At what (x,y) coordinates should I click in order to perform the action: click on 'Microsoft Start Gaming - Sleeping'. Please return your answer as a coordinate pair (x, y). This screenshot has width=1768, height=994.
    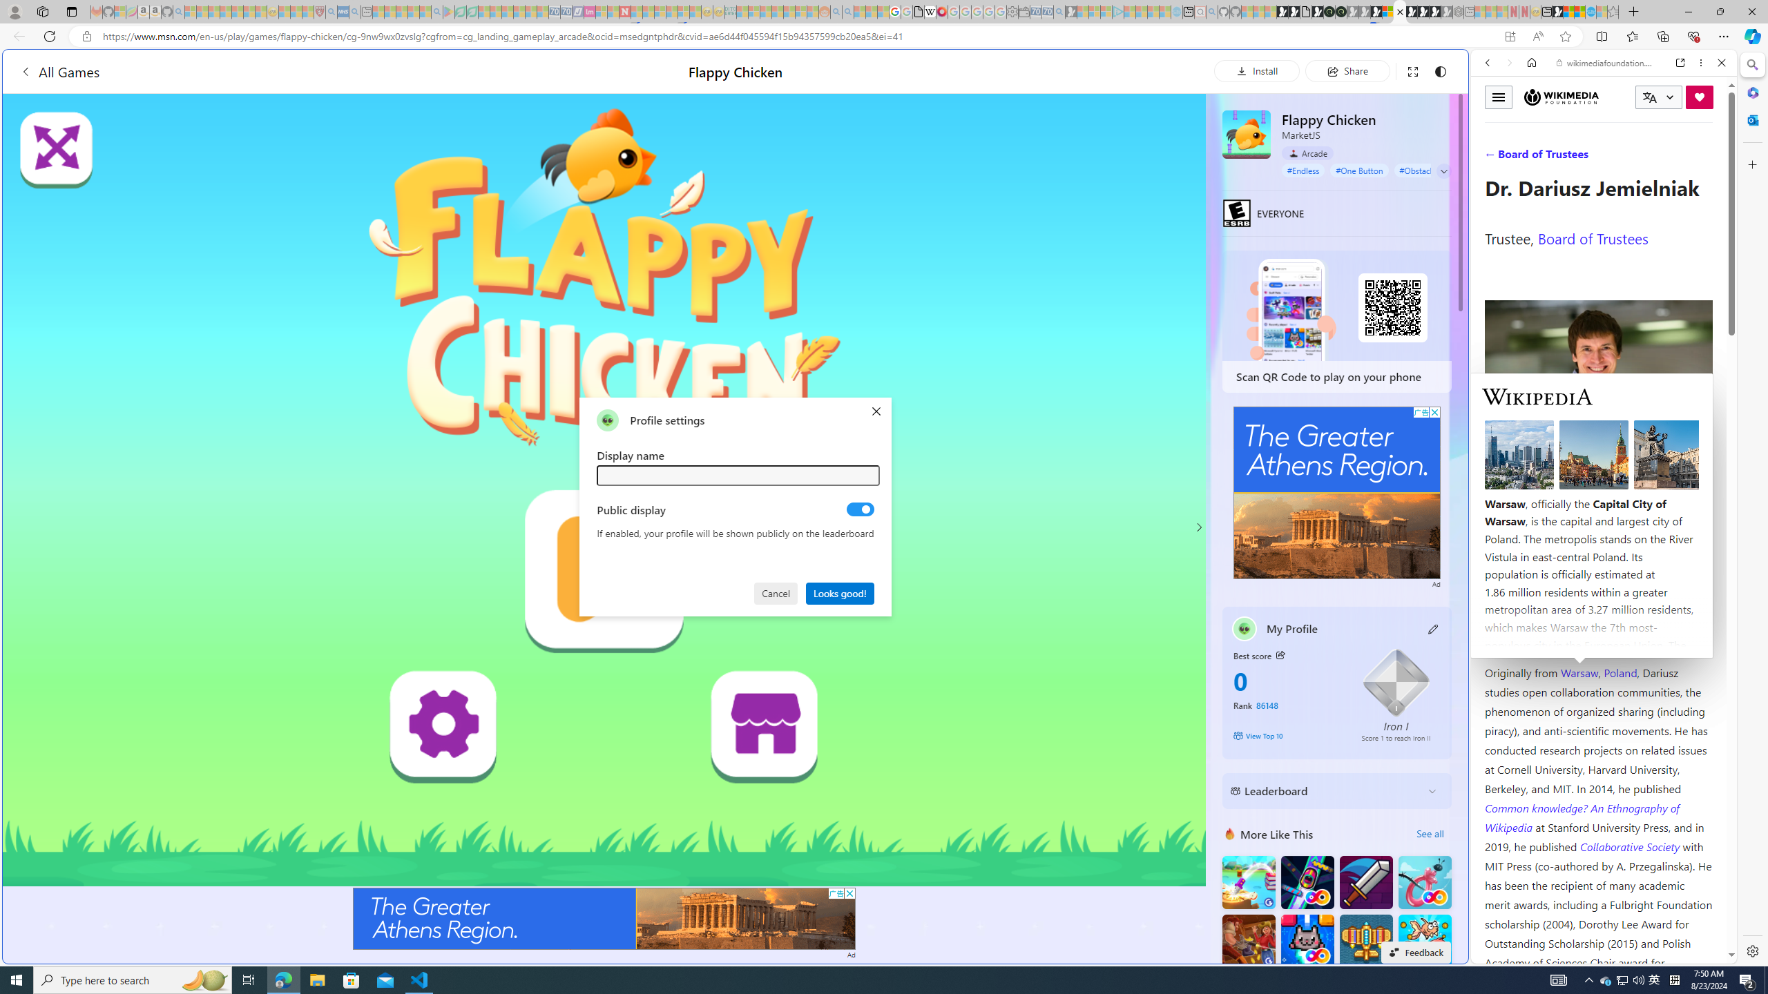
    Looking at the image, I should click on (1070, 11).